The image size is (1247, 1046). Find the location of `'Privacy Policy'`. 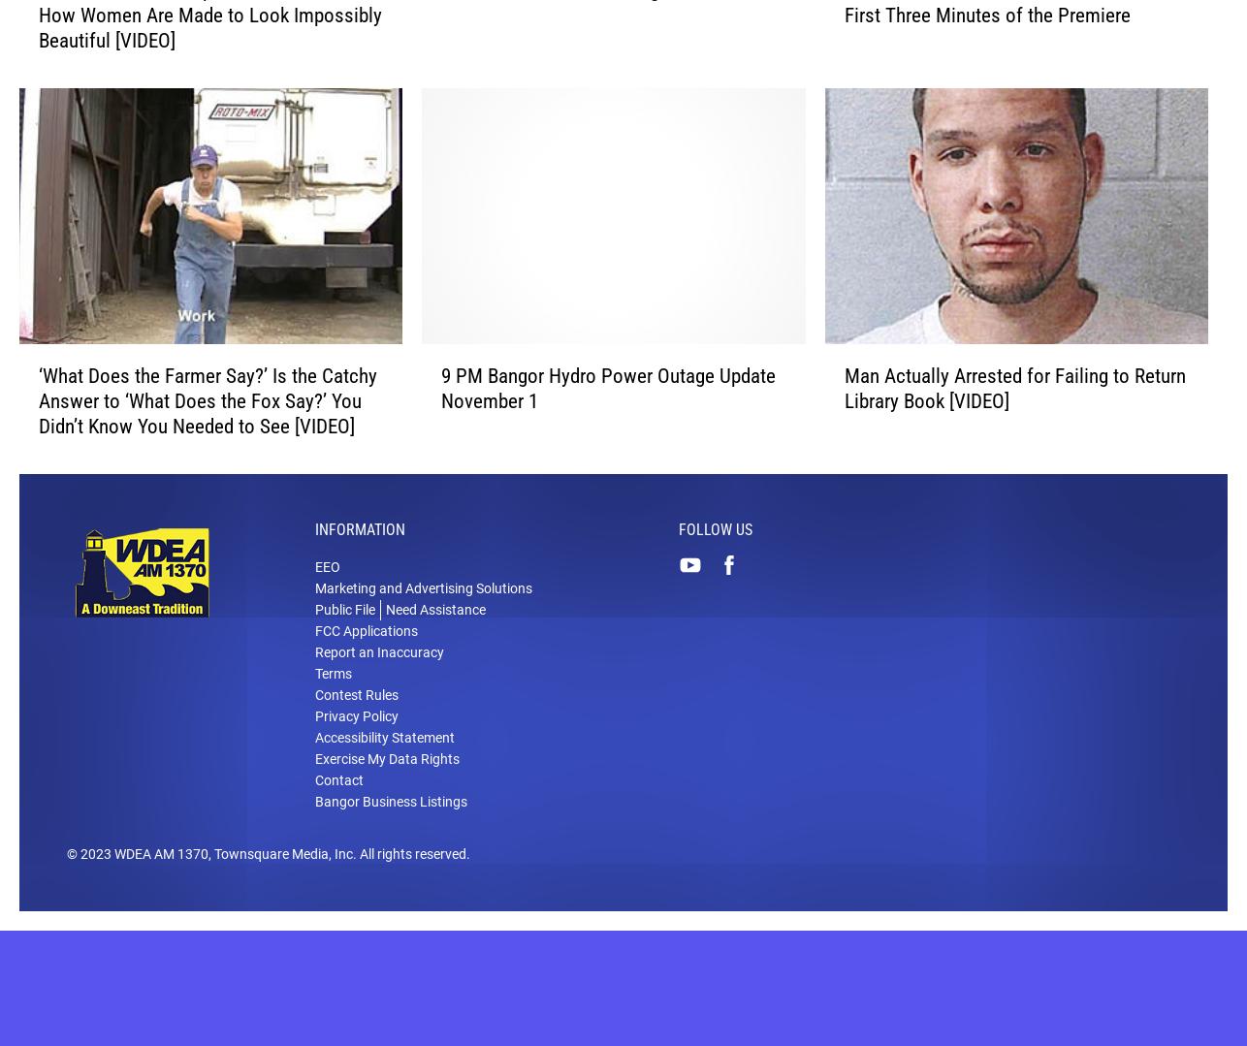

'Privacy Policy' is located at coordinates (356, 745).